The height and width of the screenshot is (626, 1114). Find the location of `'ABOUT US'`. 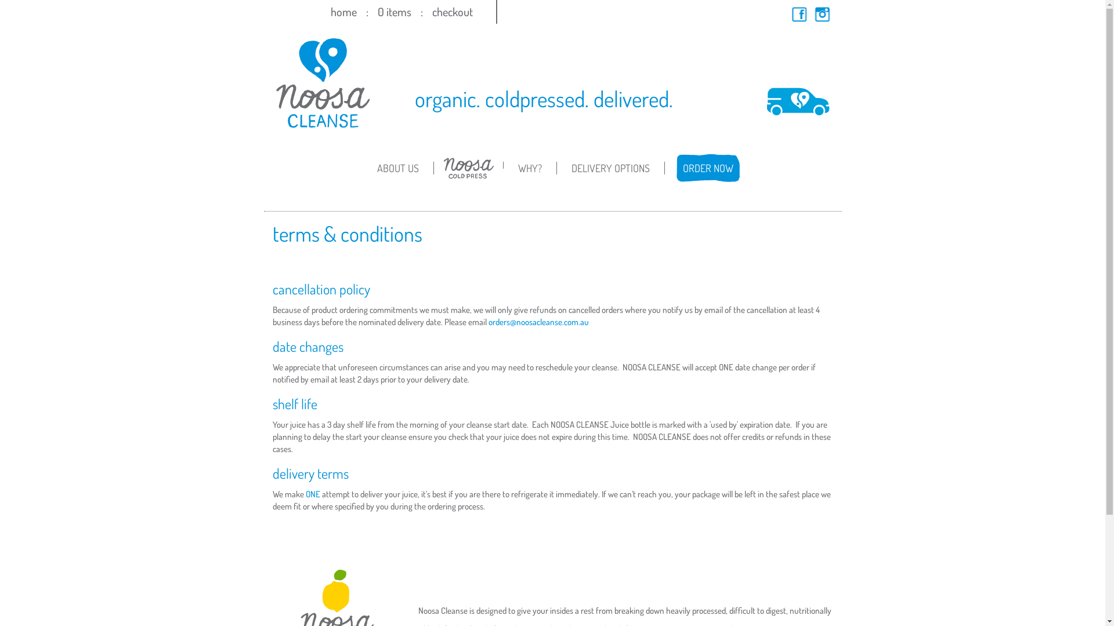

'ABOUT US' is located at coordinates (397, 168).